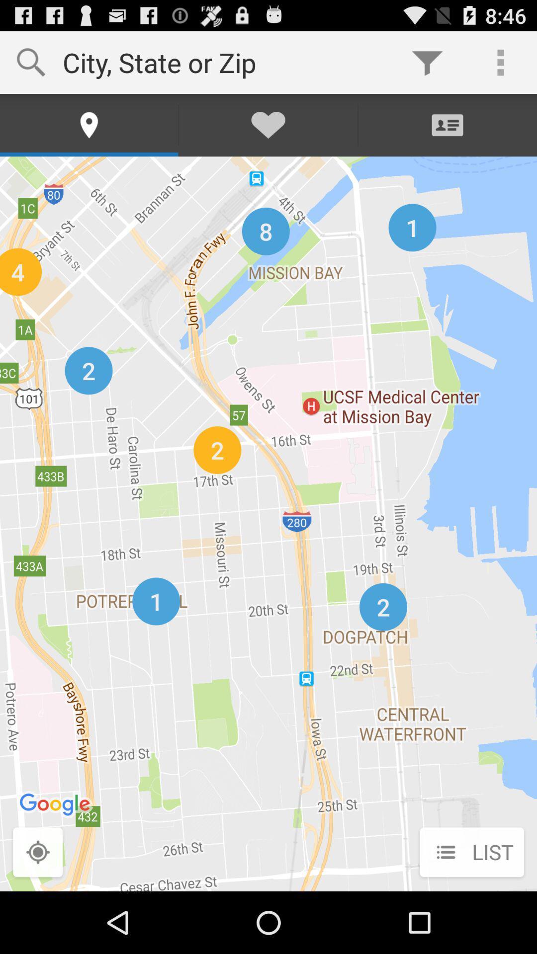 The image size is (537, 954). What do you see at coordinates (471, 853) in the screenshot?
I see `list item` at bounding box center [471, 853].